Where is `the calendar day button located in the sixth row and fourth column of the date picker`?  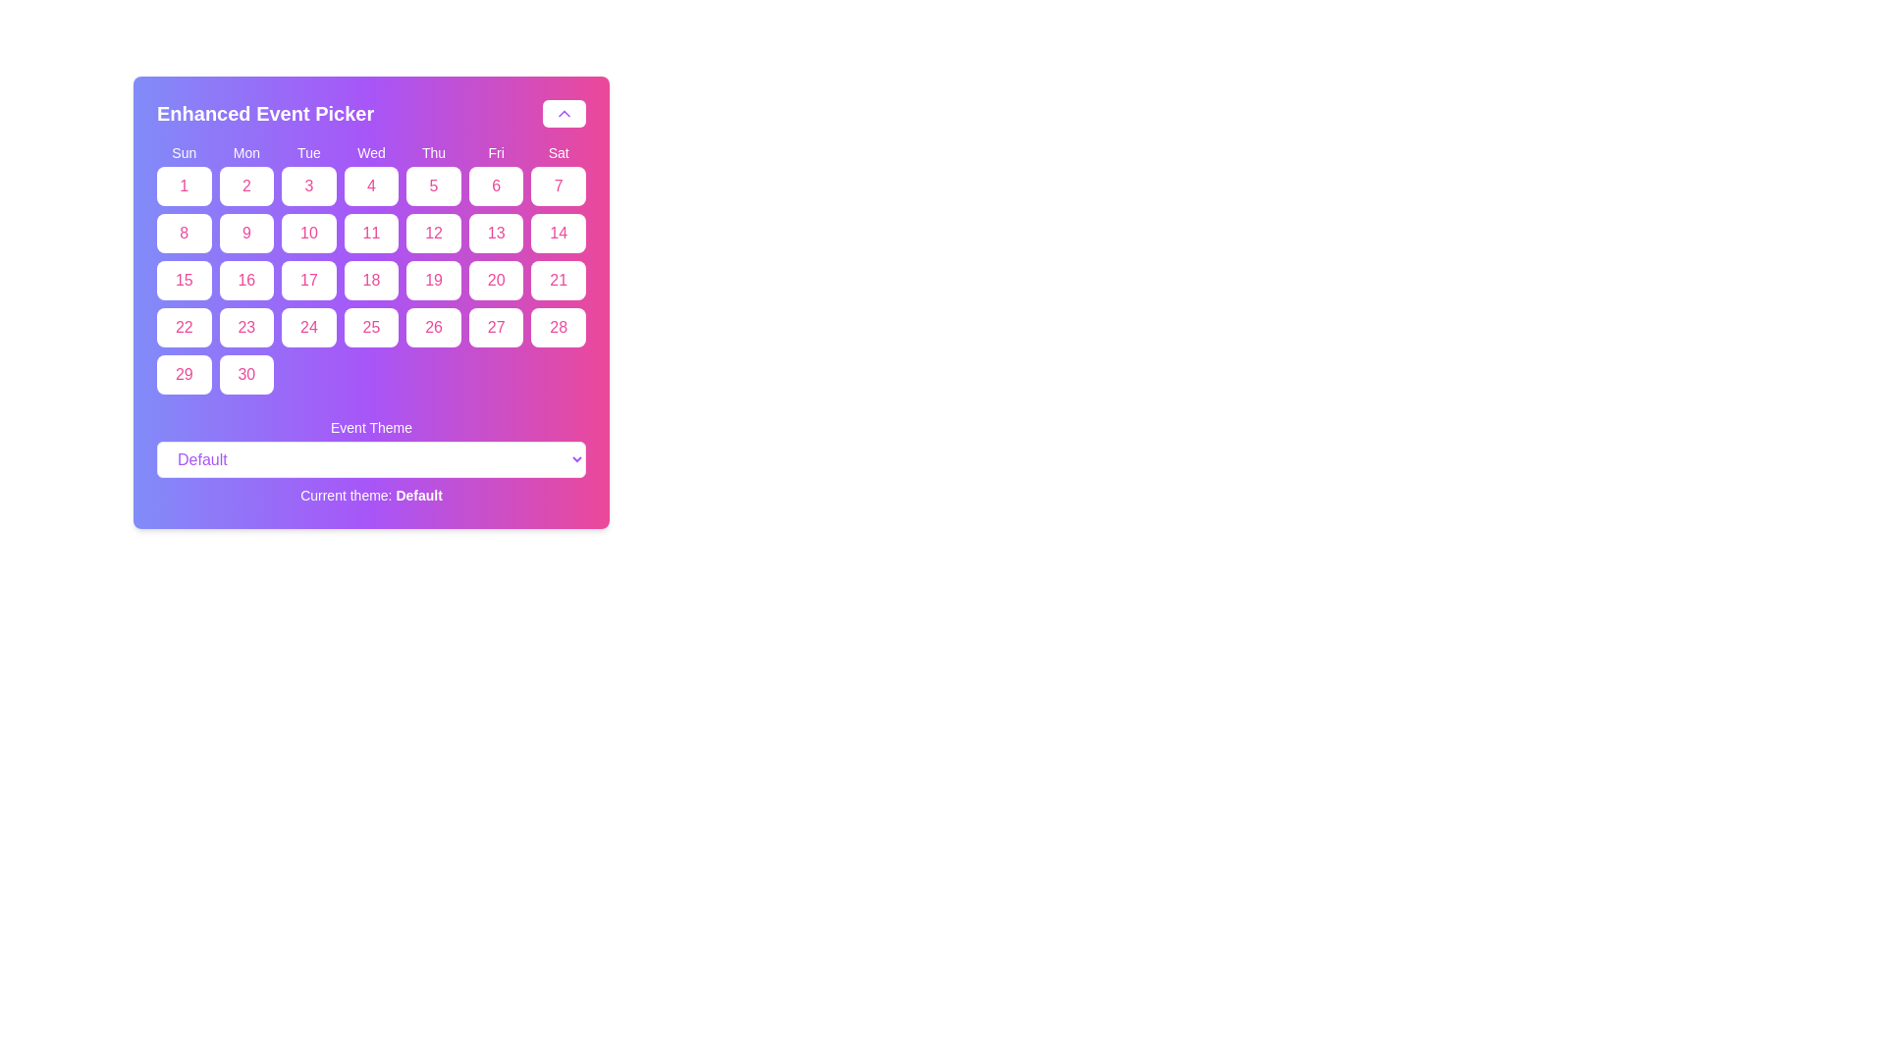
the calendar day button located in the sixth row and fourth column of the date picker is located at coordinates (432, 327).